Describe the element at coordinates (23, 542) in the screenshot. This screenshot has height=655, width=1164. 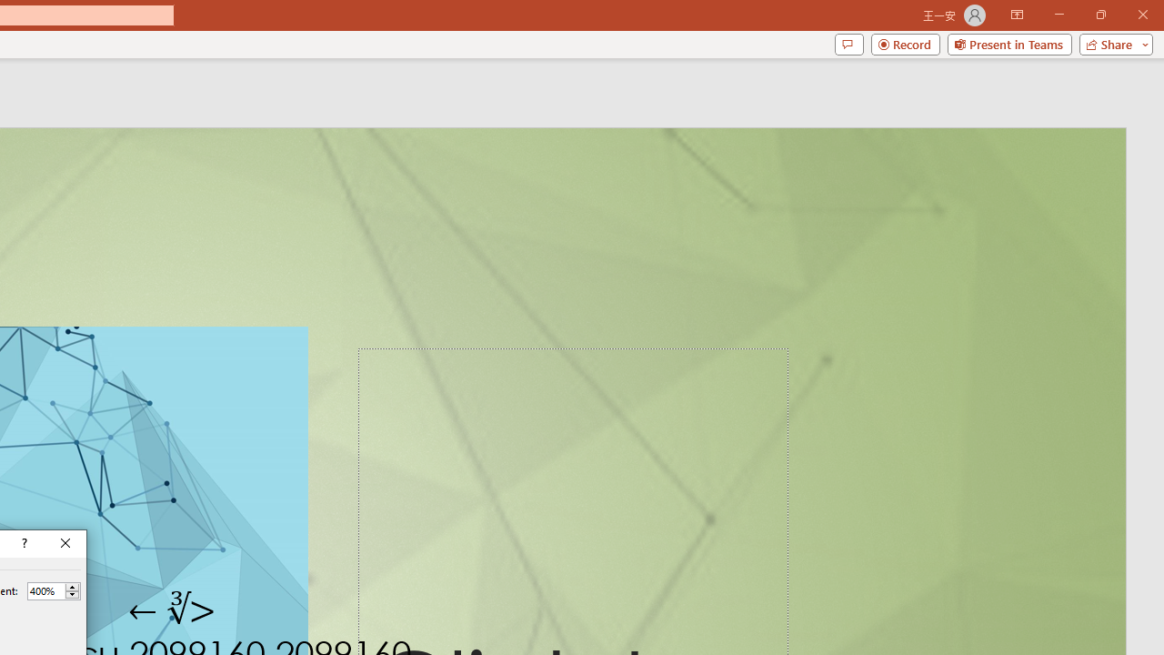
I see `'Context help'` at that location.